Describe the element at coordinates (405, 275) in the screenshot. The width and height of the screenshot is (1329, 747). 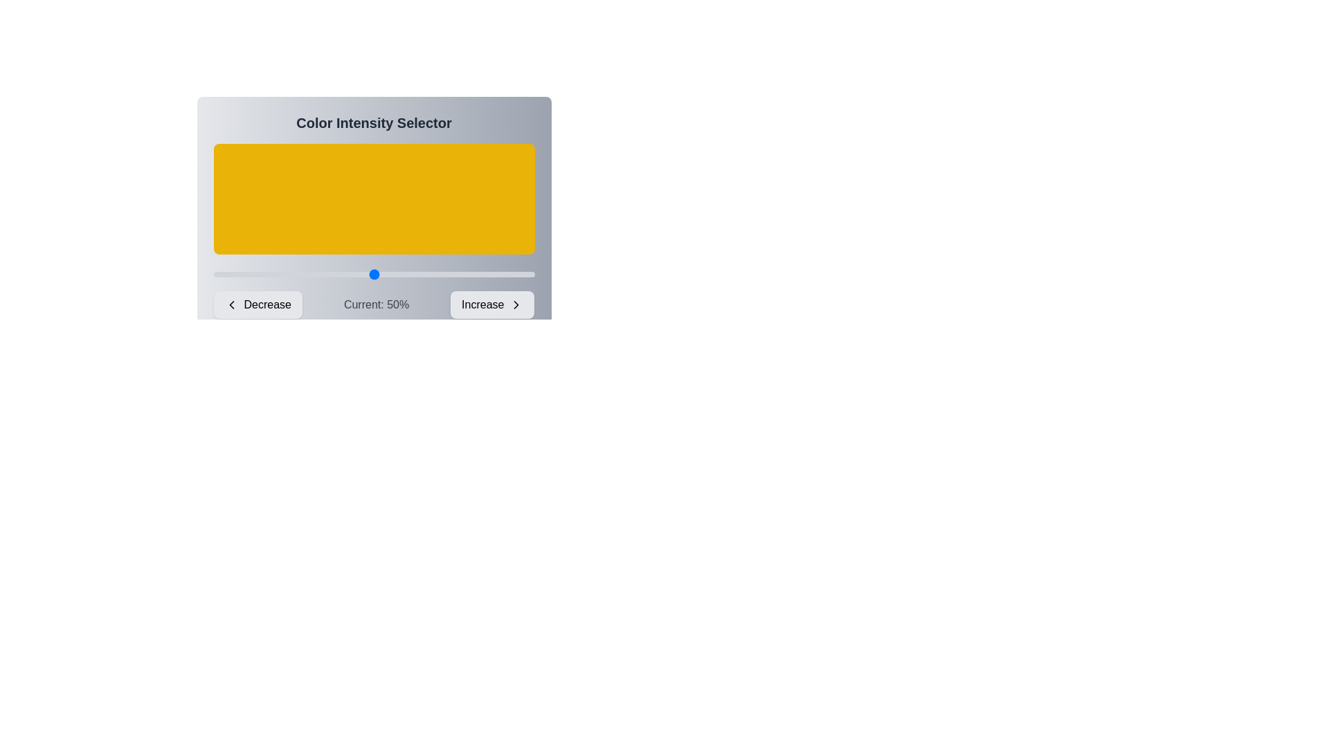
I see `color intensity` at that location.